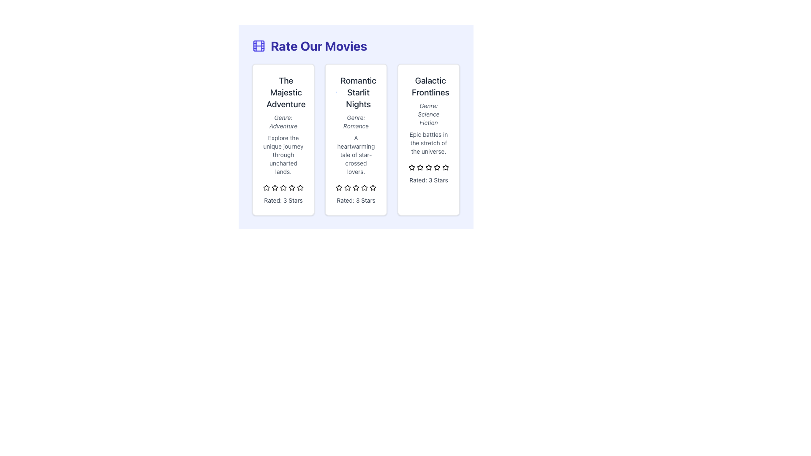  What do you see at coordinates (347, 187) in the screenshot?
I see `the third star-shaped icon in the rating component of the 'Romantic Starlit Nights' card` at bounding box center [347, 187].